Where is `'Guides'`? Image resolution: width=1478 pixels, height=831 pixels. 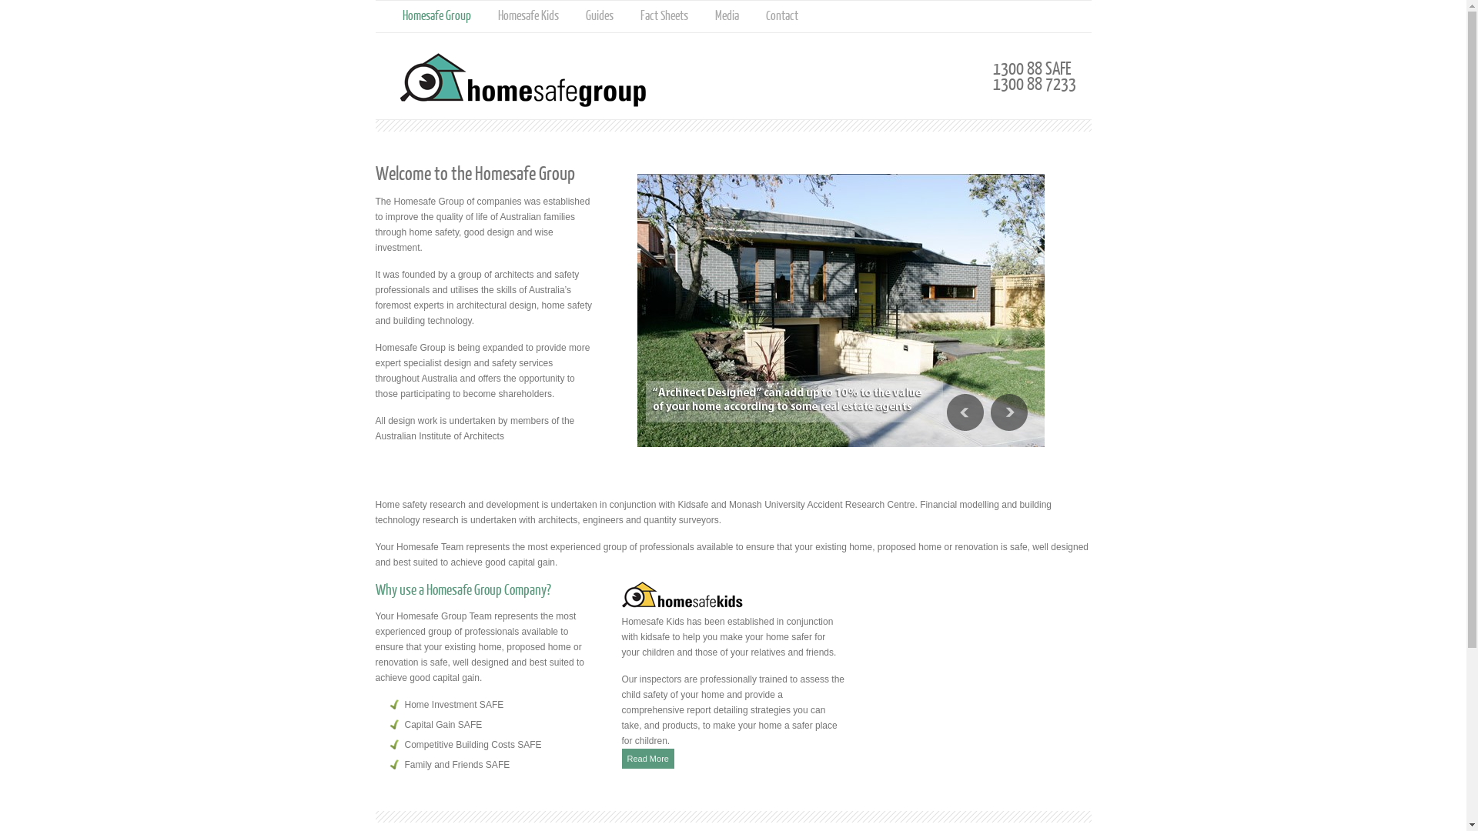
'Guides' is located at coordinates (597, 15).